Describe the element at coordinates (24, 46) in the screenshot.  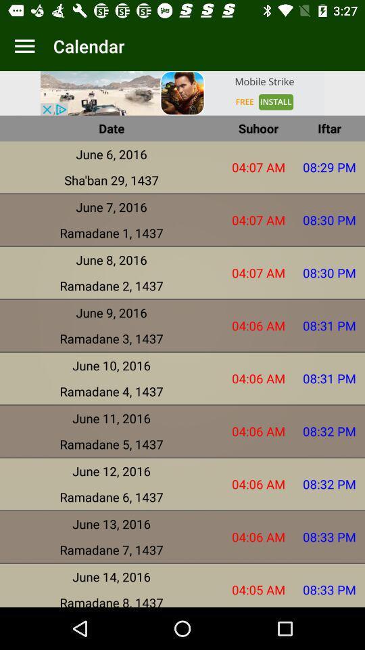
I see `tag to add extensions bar` at that location.